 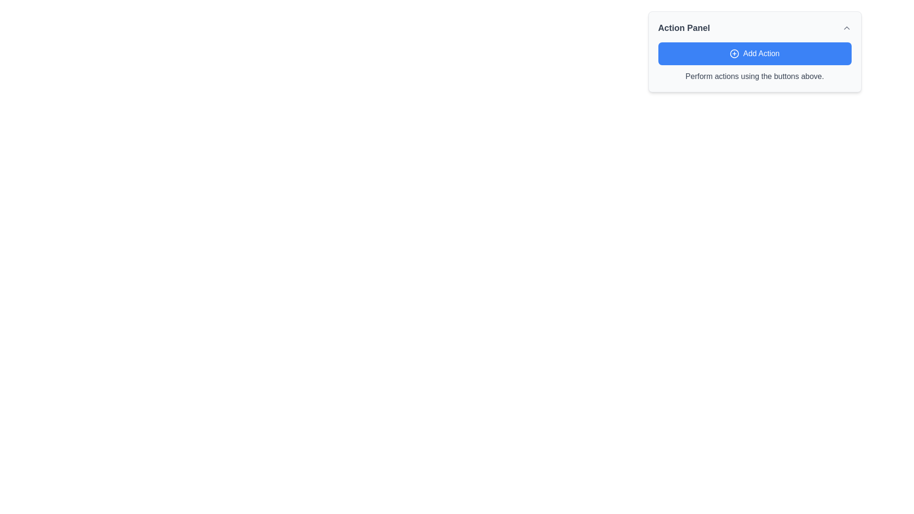 What do you see at coordinates (734, 53) in the screenshot?
I see `the SVG Circle element with a blue outline and white fill, which is centered within the 'Add Action' button in the 'Action Panel'` at bounding box center [734, 53].